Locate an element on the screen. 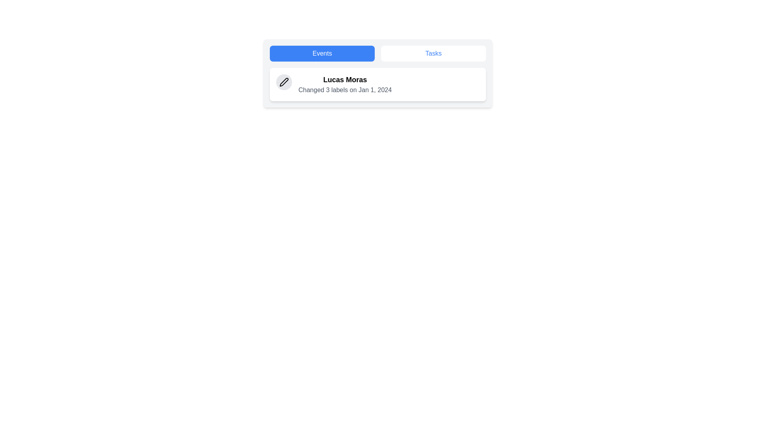 The image size is (763, 429). the blue button labeled 'Events' is located at coordinates (322, 54).